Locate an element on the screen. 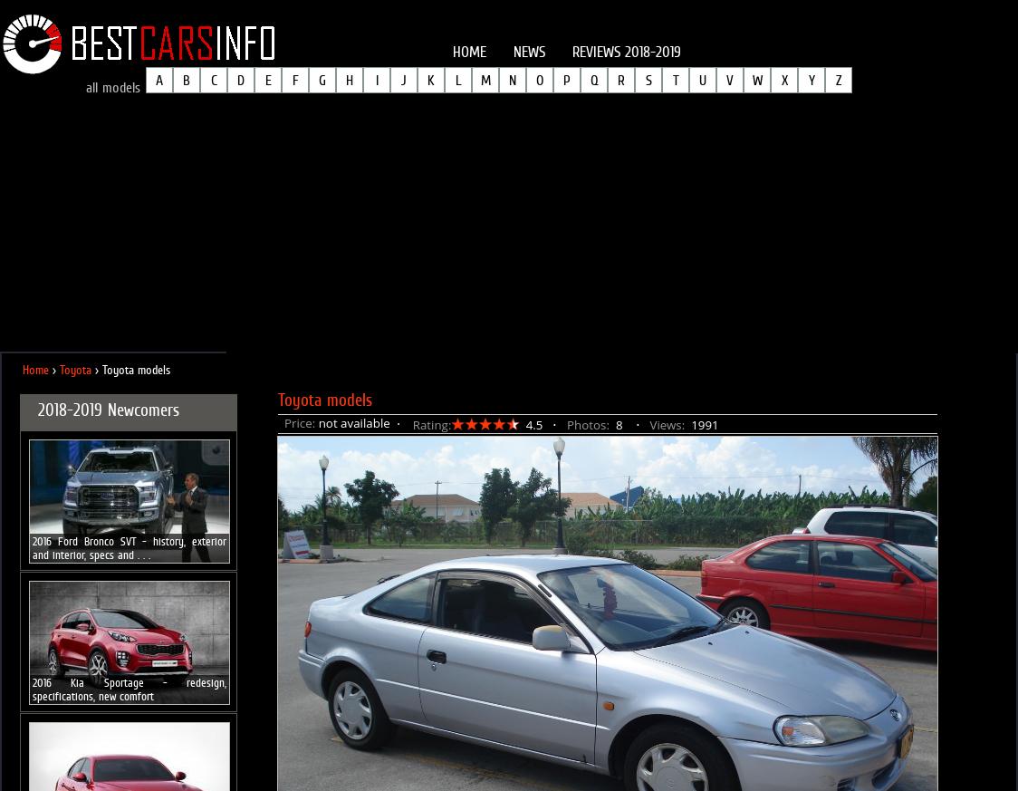 The width and height of the screenshot is (1018, 791). 'all models' is located at coordinates (111, 87).